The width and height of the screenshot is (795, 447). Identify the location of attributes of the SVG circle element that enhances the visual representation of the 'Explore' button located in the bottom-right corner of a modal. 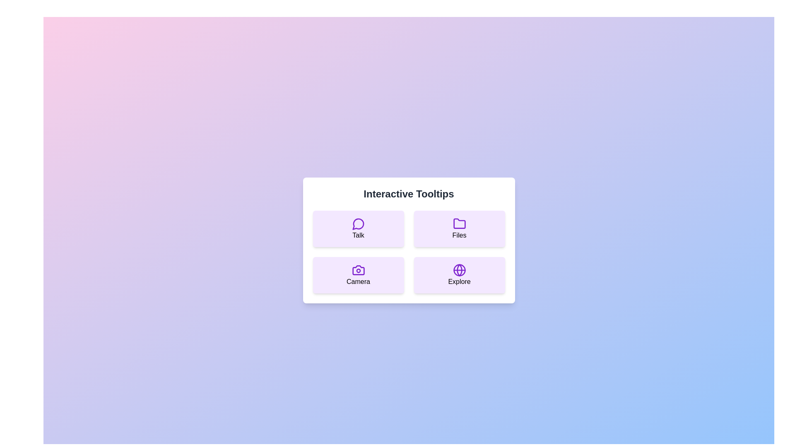
(459, 270).